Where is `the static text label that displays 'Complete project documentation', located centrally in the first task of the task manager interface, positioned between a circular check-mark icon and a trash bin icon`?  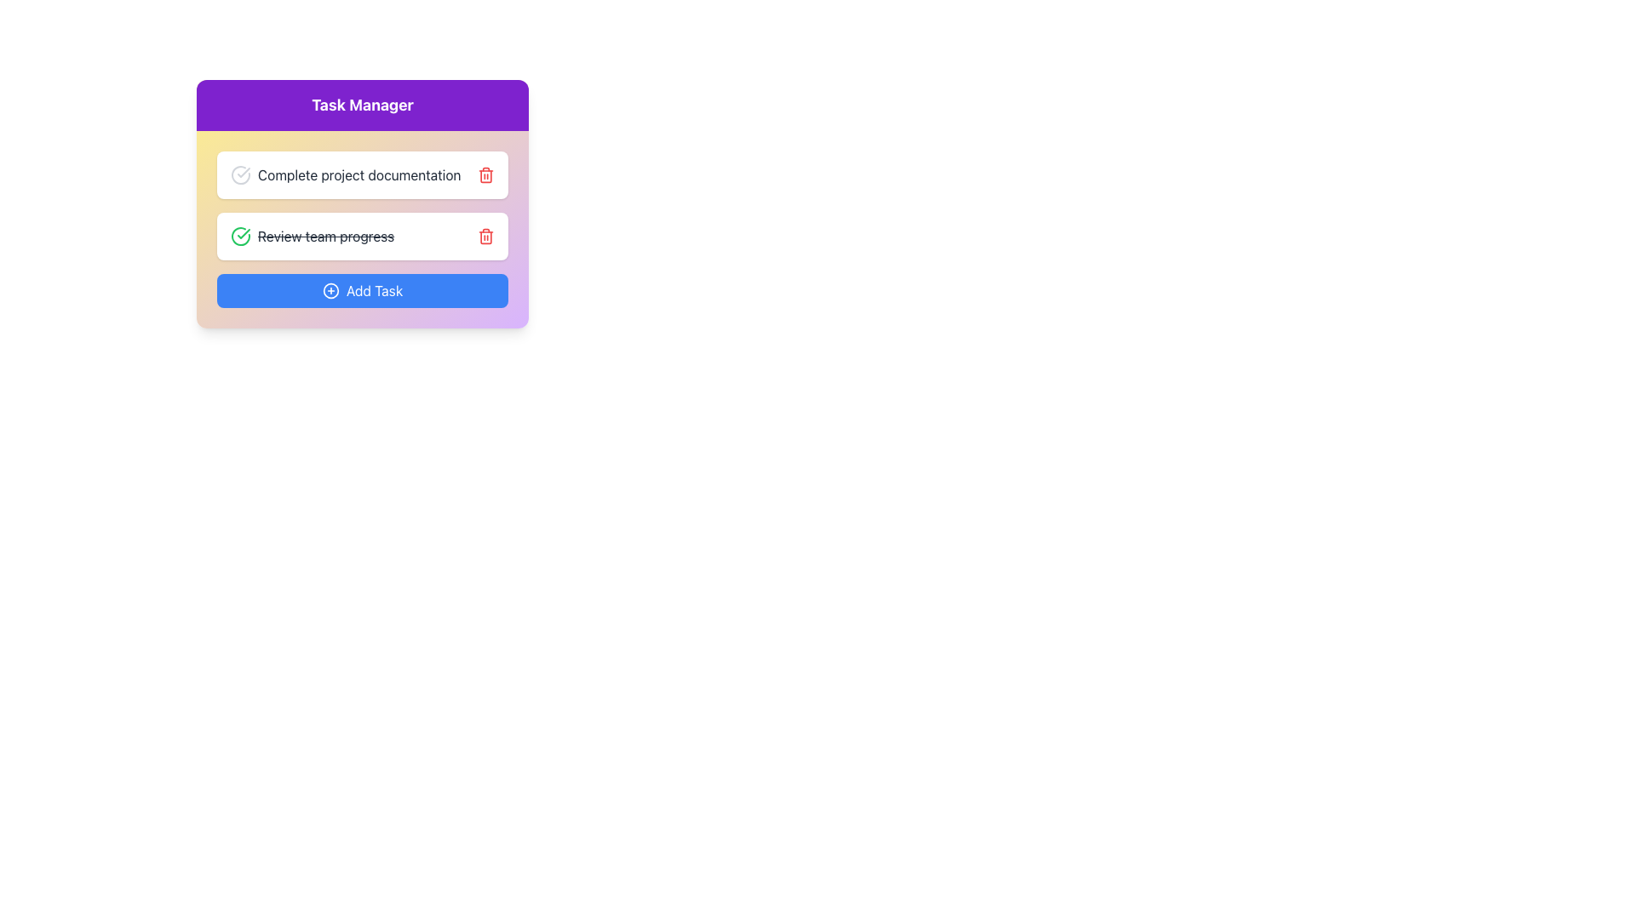
the static text label that displays 'Complete project documentation', located centrally in the first task of the task manager interface, positioned between a circular check-mark icon and a trash bin icon is located at coordinates (359, 174).